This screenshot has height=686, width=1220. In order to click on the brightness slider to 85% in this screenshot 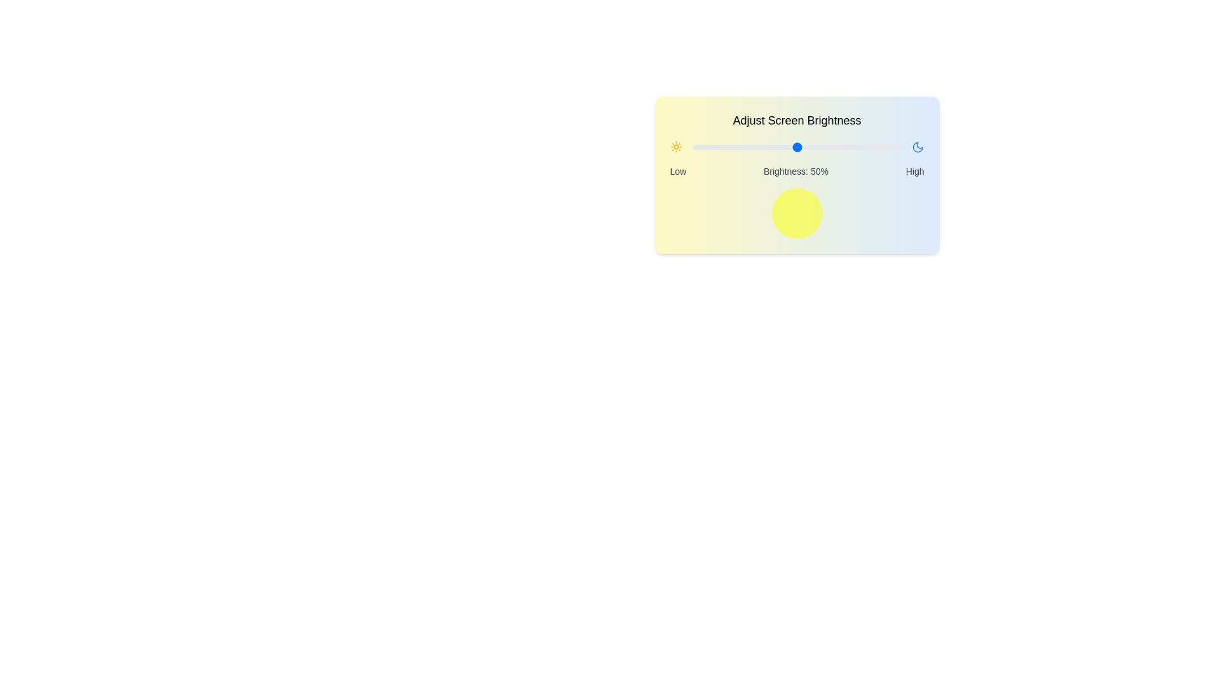, I will do `click(869, 146)`.